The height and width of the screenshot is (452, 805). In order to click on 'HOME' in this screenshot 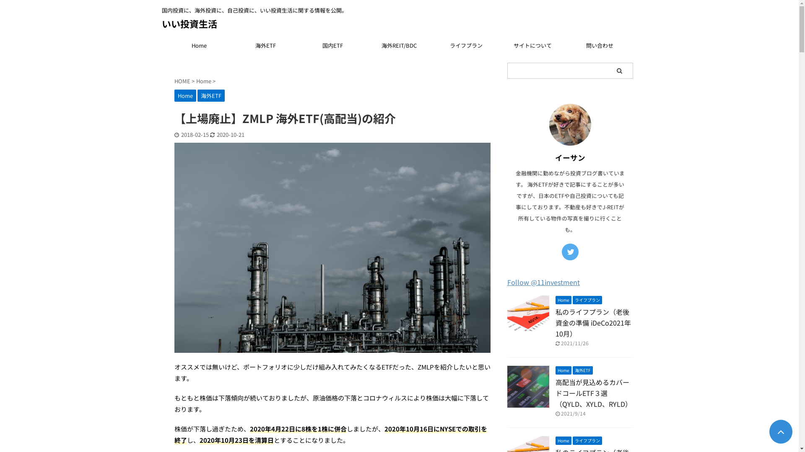, I will do `click(182, 81)`.